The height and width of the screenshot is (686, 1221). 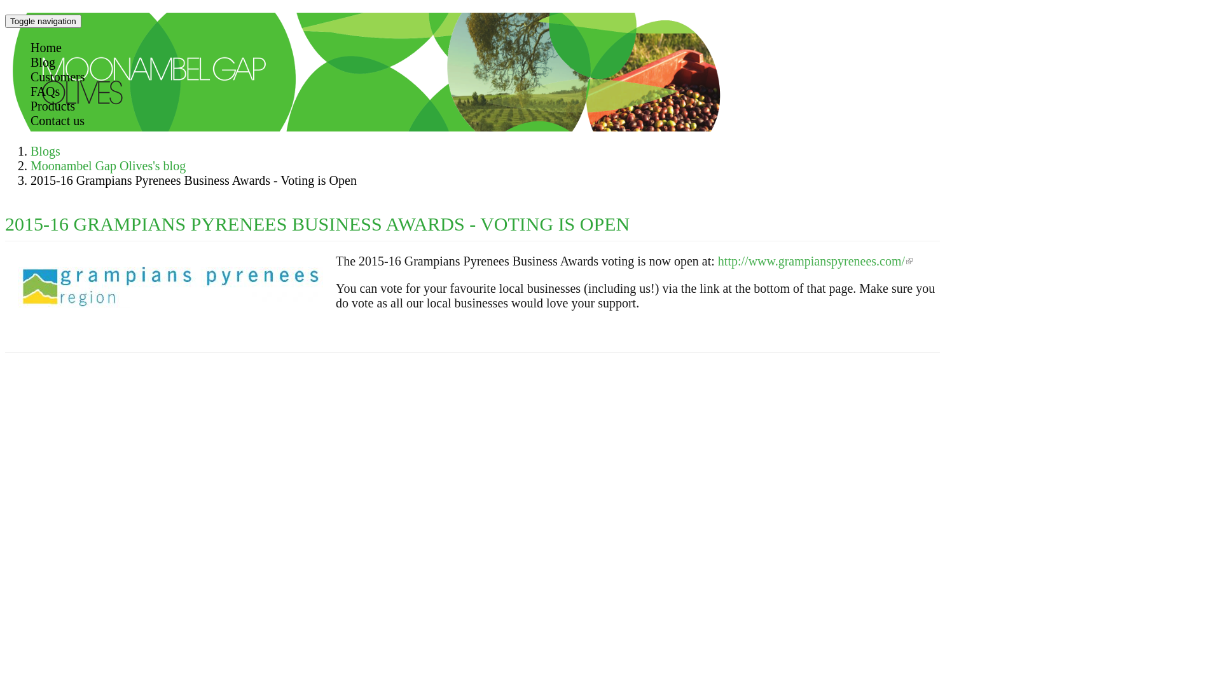 What do you see at coordinates (45, 151) in the screenshot?
I see `'Blogs'` at bounding box center [45, 151].